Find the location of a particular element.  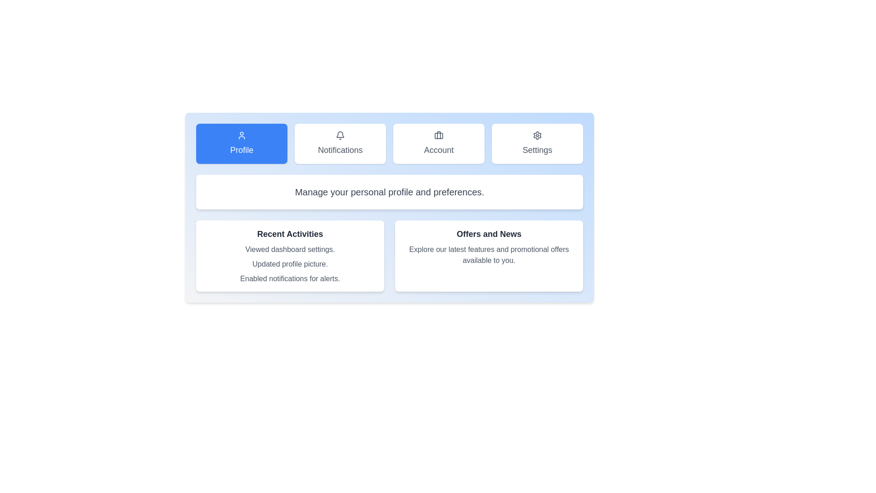

the informational static text that records a recent user action, located at the top of the 'Recent Activities' section is located at coordinates (289, 250).